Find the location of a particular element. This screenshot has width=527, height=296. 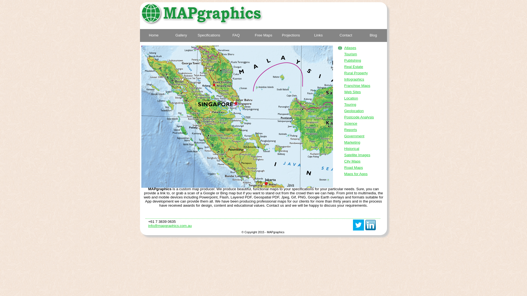

'Tourism' is located at coordinates (344, 54).